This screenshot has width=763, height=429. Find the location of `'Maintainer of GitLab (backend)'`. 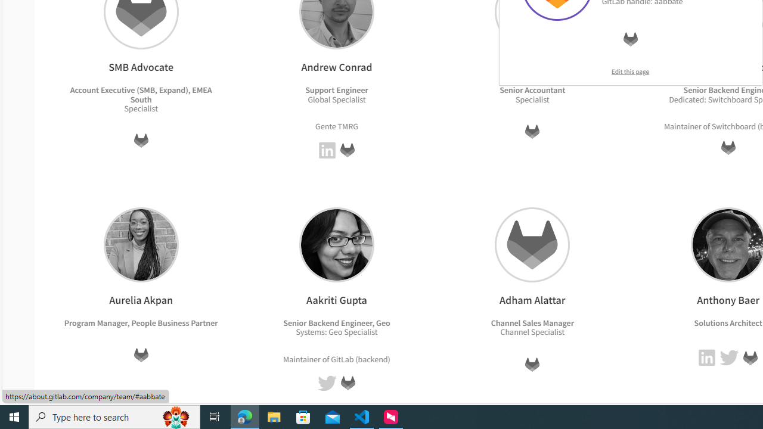

'Maintainer of GitLab (backend)' is located at coordinates (336, 358).